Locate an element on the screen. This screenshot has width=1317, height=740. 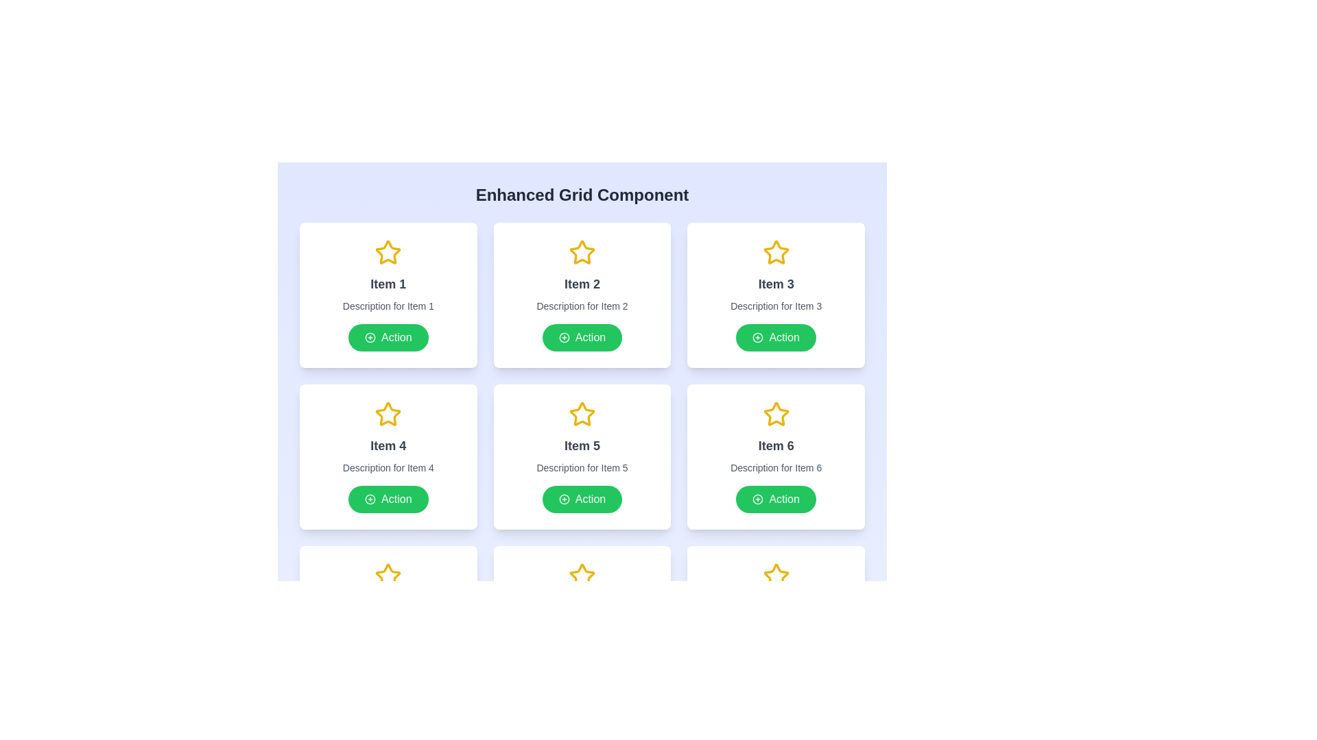
the text label providing a description for 'Item 5' located in the third column of the second row of the grid layout, positioned between the title 'Item 5' and the green action button labeled 'Action' is located at coordinates (582, 467).